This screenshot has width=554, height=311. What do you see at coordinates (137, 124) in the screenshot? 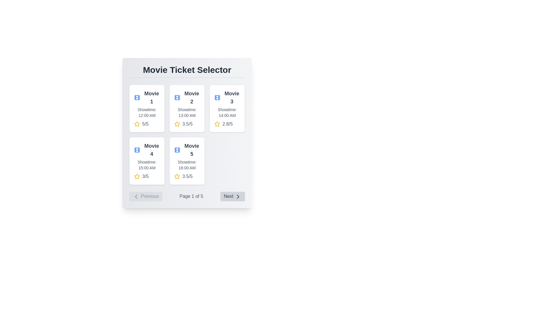
I see `the star icon located within the first movie card, positioned next to the text '5/5' and below the movie title and showtime` at bounding box center [137, 124].